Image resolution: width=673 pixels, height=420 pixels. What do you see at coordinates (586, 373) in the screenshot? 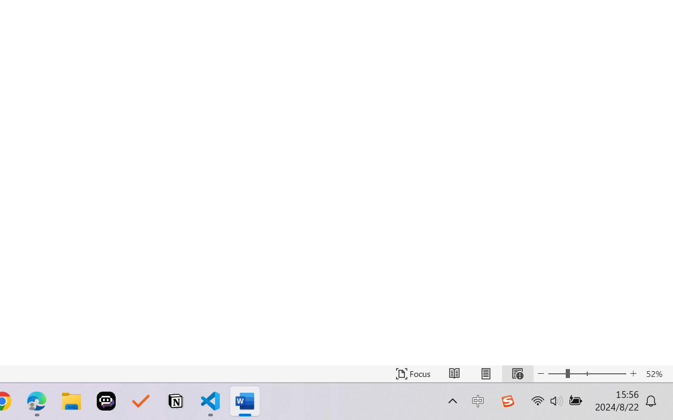
I see `'Zoom'` at bounding box center [586, 373].